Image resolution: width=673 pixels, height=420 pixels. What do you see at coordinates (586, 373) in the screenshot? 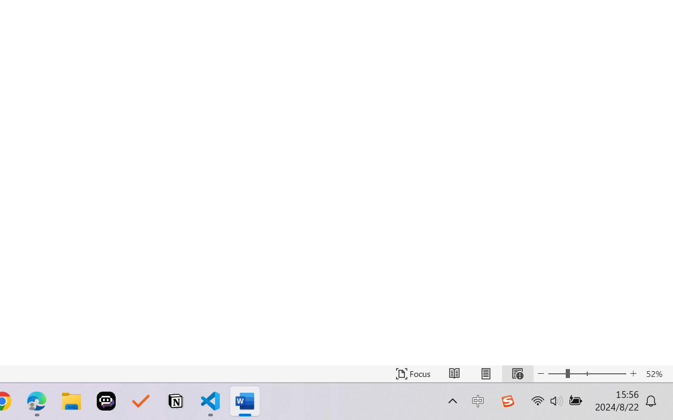
I see `'Zoom'` at bounding box center [586, 373].